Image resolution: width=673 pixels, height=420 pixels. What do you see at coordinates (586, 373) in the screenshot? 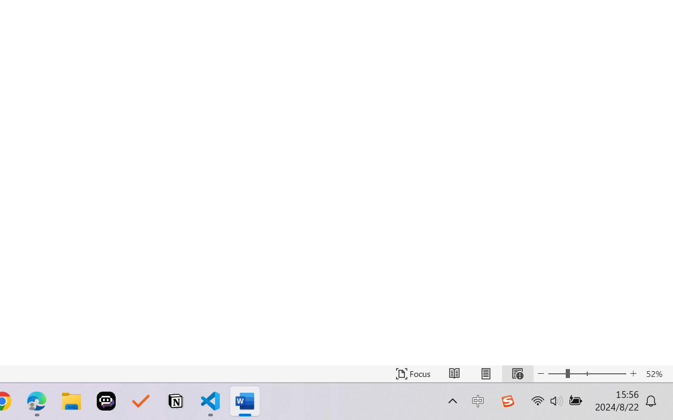
I see `'Zoom'` at bounding box center [586, 373].